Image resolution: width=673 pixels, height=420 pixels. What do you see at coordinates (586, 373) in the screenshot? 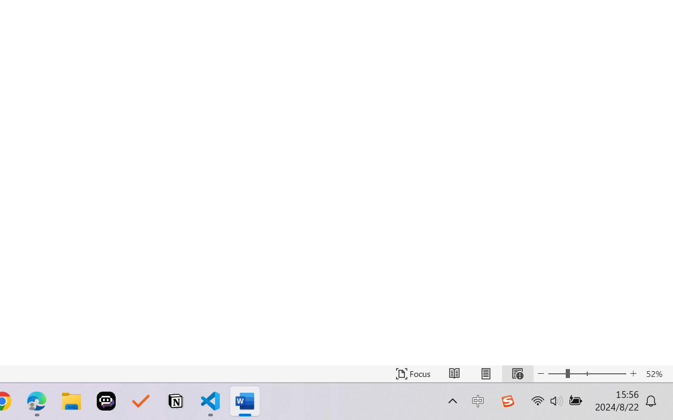
I see `'Zoom'` at bounding box center [586, 373].